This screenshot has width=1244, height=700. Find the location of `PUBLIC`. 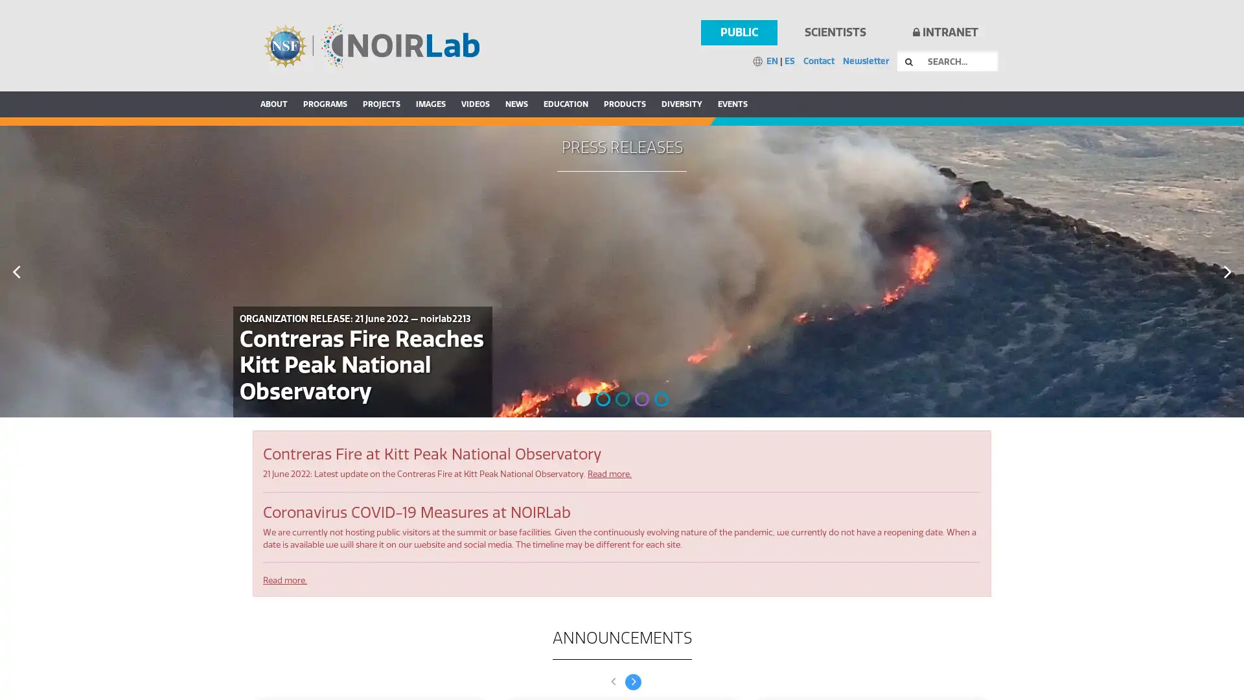

PUBLIC is located at coordinates (739, 32).